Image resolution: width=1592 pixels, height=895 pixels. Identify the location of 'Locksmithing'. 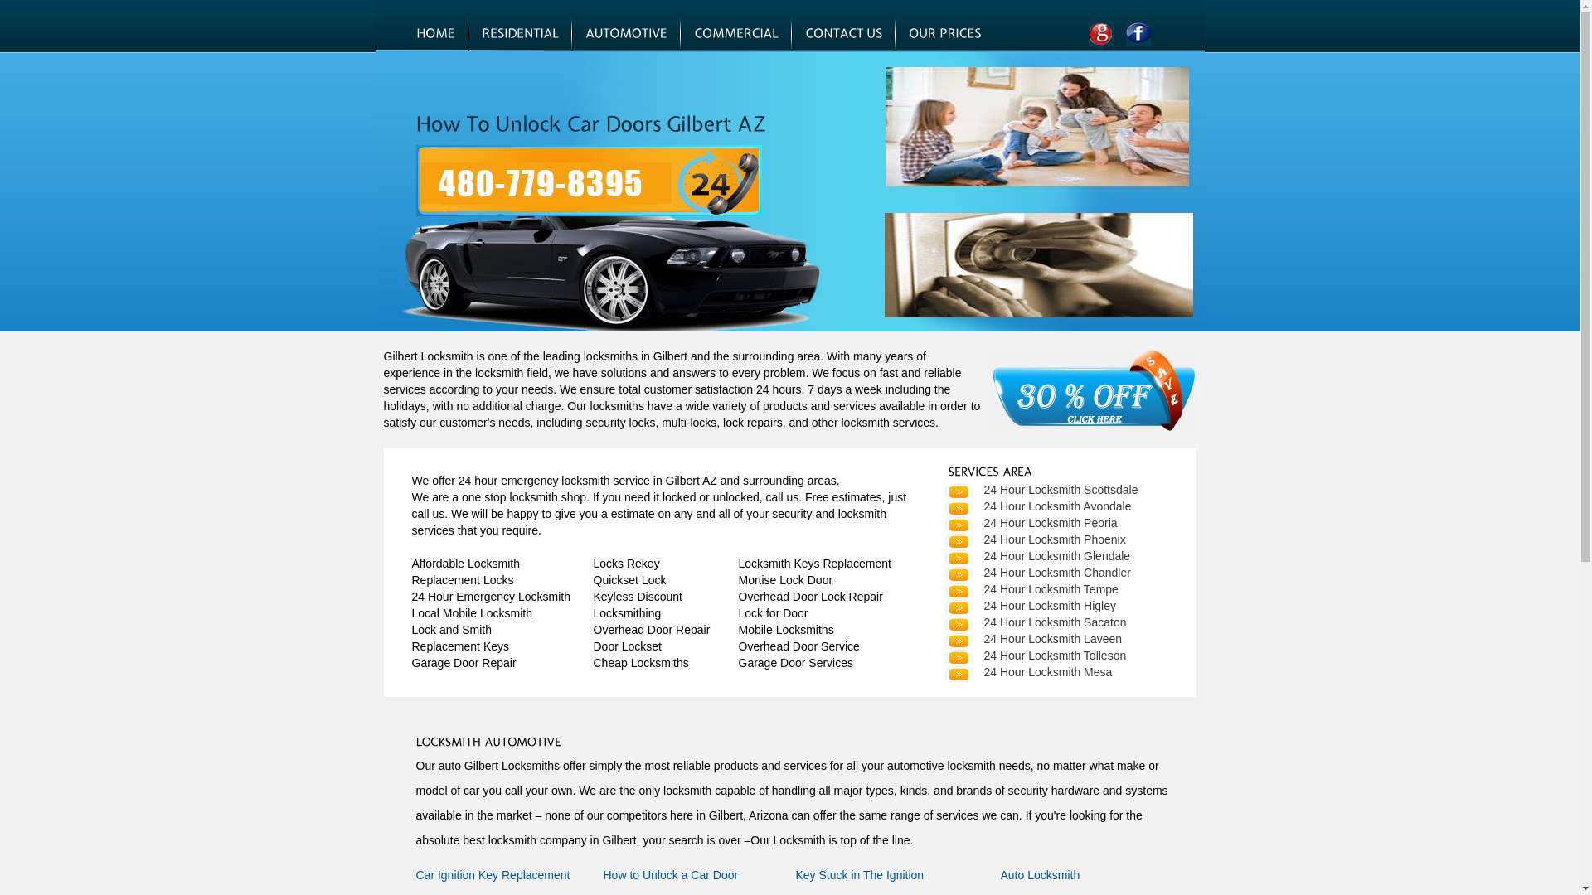
(627, 613).